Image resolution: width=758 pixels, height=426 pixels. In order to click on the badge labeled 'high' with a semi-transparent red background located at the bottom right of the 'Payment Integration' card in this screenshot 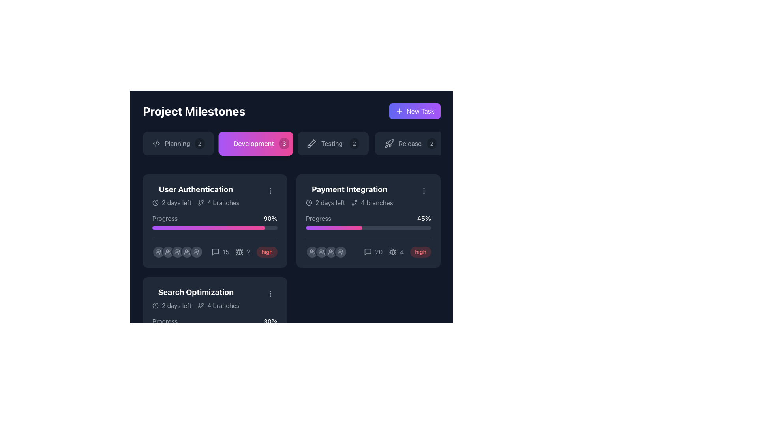, I will do `click(420, 252)`.